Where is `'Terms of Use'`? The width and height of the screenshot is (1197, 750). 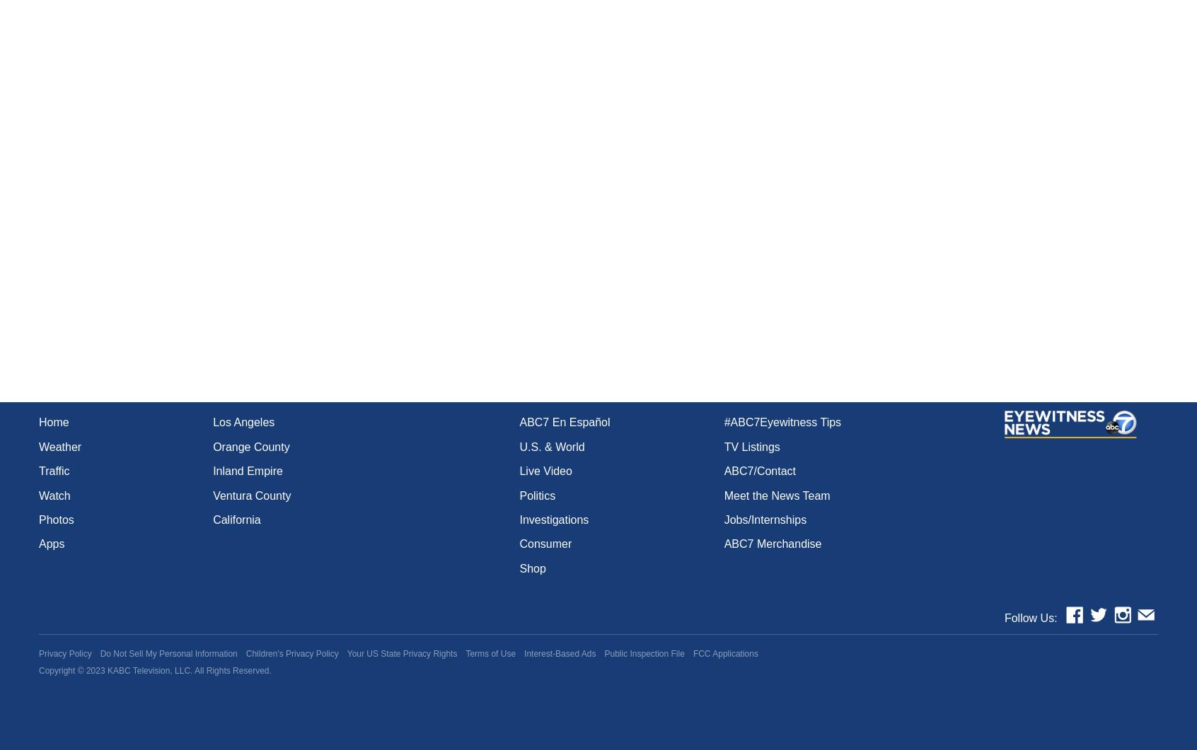 'Terms of Use' is located at coordinates (466, 652).